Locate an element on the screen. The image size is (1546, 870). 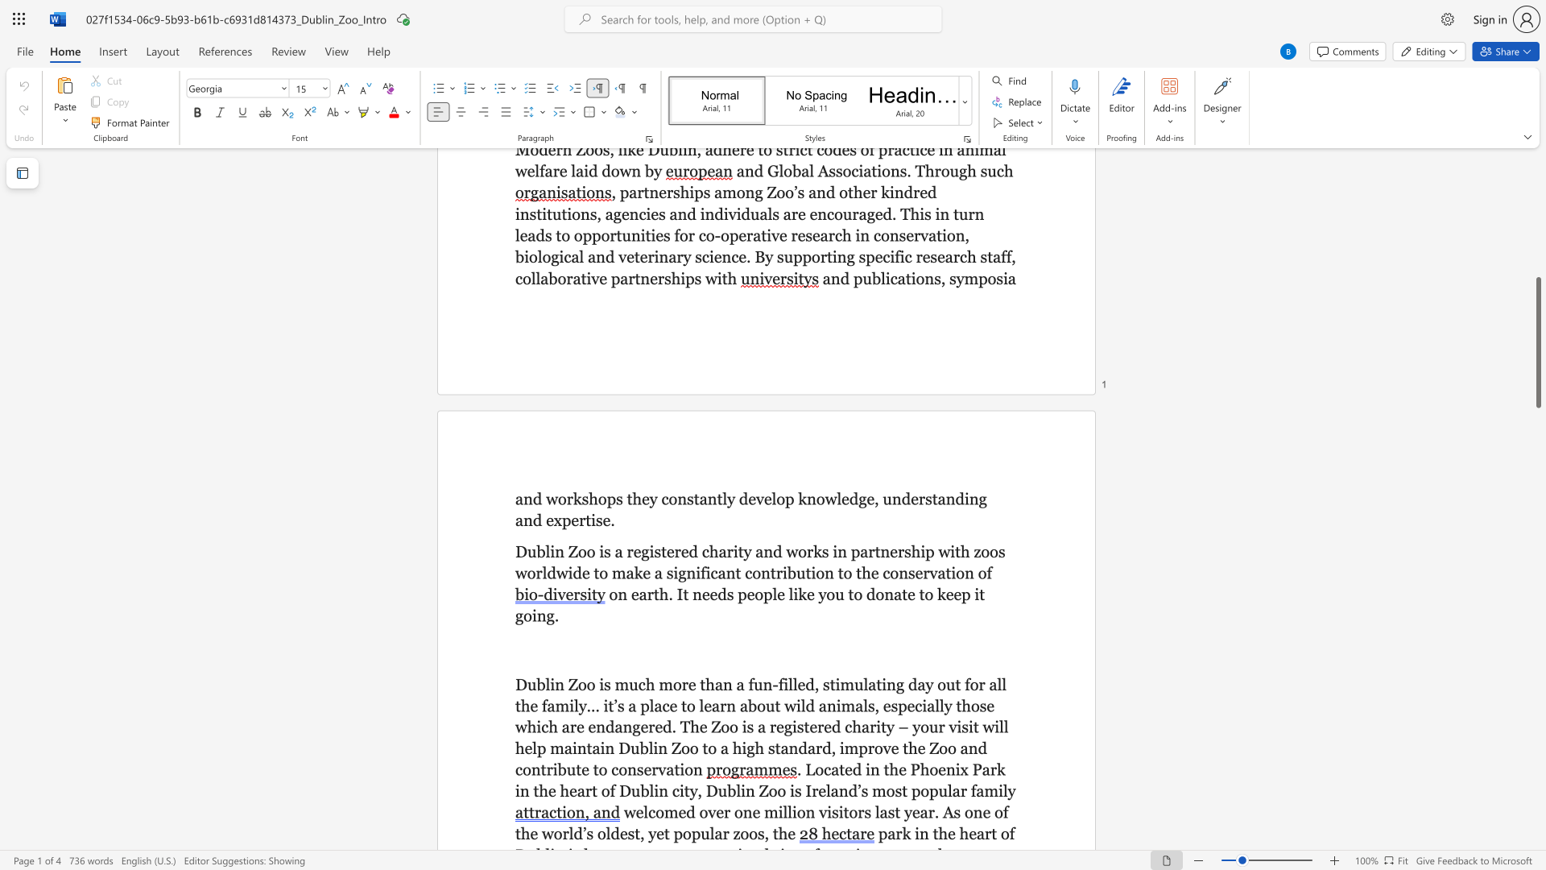
the 1th character "r" in the text is located at coordinates (725, 833).